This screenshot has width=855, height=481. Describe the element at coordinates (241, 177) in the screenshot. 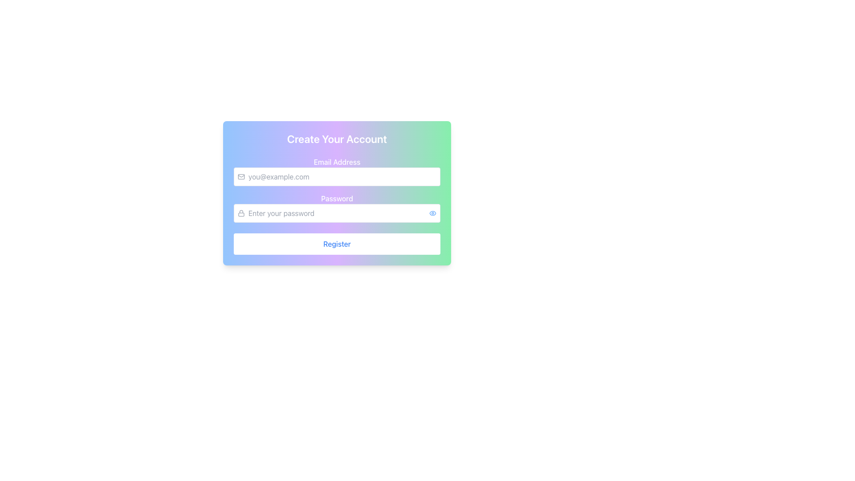

I see `the mail envelope icon, which is located in the left section of the email address input field, immediately before the input field placeholder text` at that location.